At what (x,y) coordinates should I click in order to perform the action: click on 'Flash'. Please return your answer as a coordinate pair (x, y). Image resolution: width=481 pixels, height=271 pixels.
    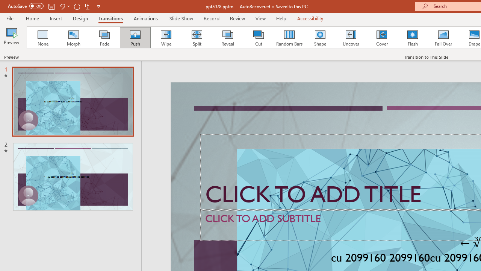
    Looking at the image, I should click on (412, 38).